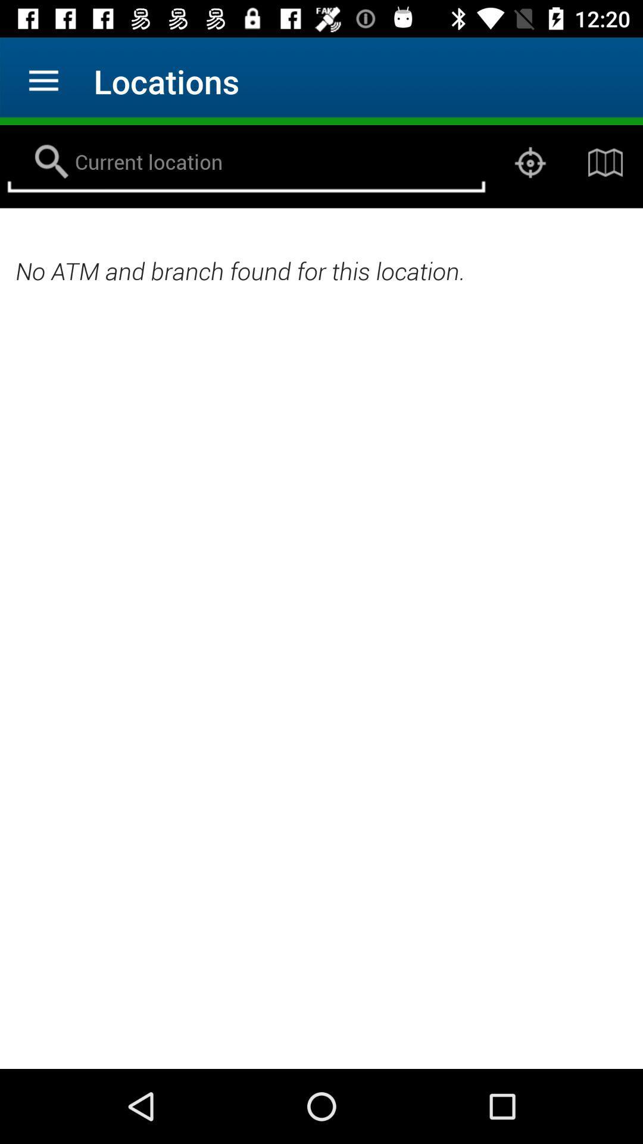 The image size is (643, 1144). Describe the element at coordinates (530, 162) in the screenshot. I see `the location_crosshair icon` at that location.